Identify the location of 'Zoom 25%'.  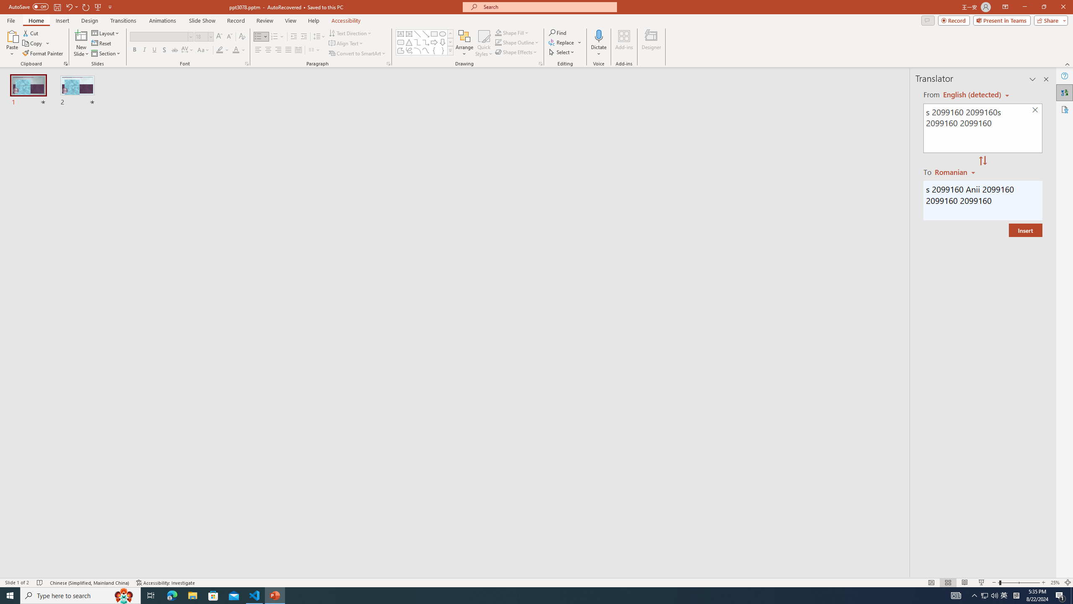
(1055, 583).